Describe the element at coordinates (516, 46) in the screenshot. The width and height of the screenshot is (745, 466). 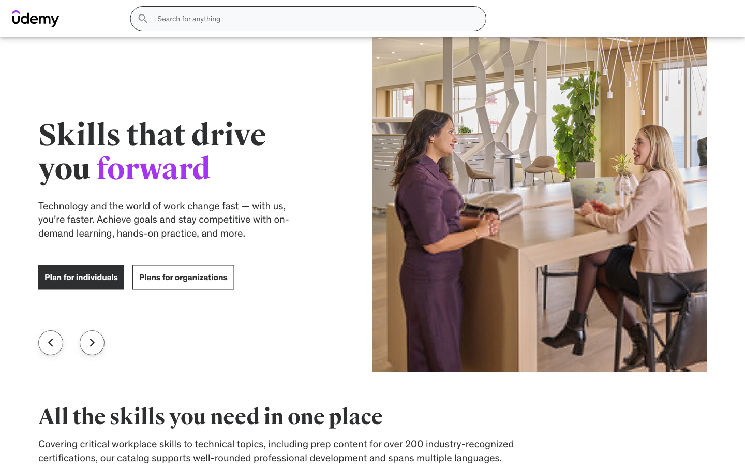
I see `the Why Mint page` at that location.